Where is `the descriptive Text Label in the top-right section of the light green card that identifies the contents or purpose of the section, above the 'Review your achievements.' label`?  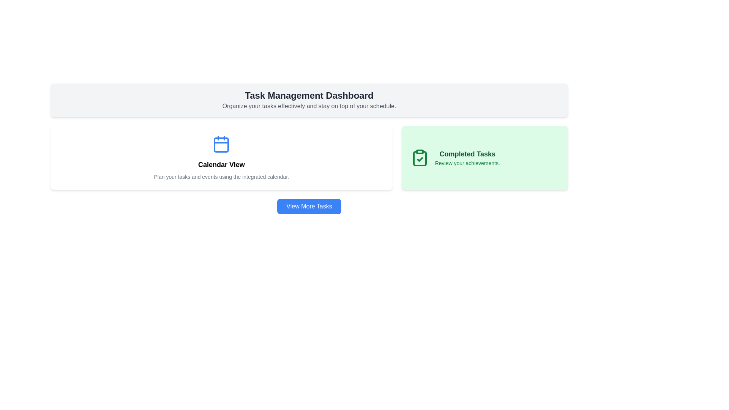 the descriptive Text Label in the top-right section of the light green card that identifies the contents or purpose of the section, above the 'Review your achievements.' label is located at coordinates (467, 154).